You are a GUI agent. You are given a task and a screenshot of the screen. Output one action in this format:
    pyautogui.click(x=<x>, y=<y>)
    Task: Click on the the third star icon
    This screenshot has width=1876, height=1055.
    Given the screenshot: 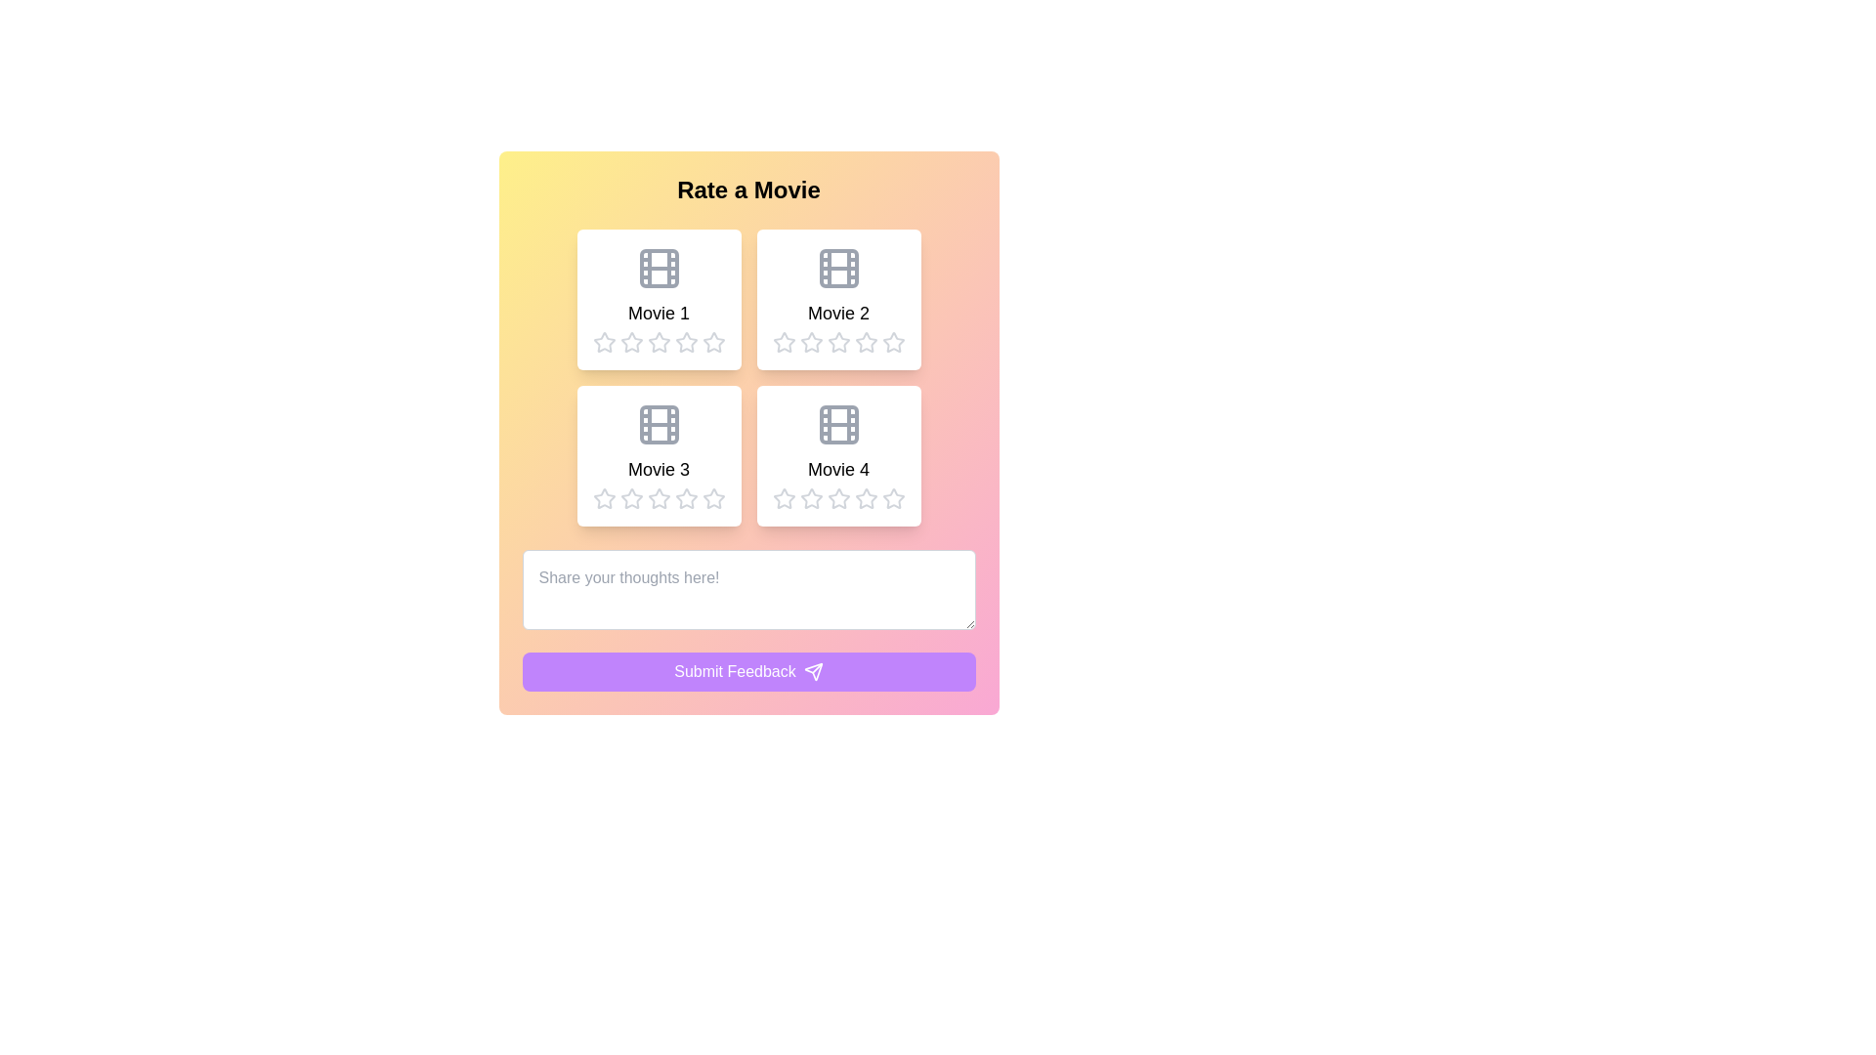 What is the action you would take?
    pyautogui.click(x=811, y=497)
    